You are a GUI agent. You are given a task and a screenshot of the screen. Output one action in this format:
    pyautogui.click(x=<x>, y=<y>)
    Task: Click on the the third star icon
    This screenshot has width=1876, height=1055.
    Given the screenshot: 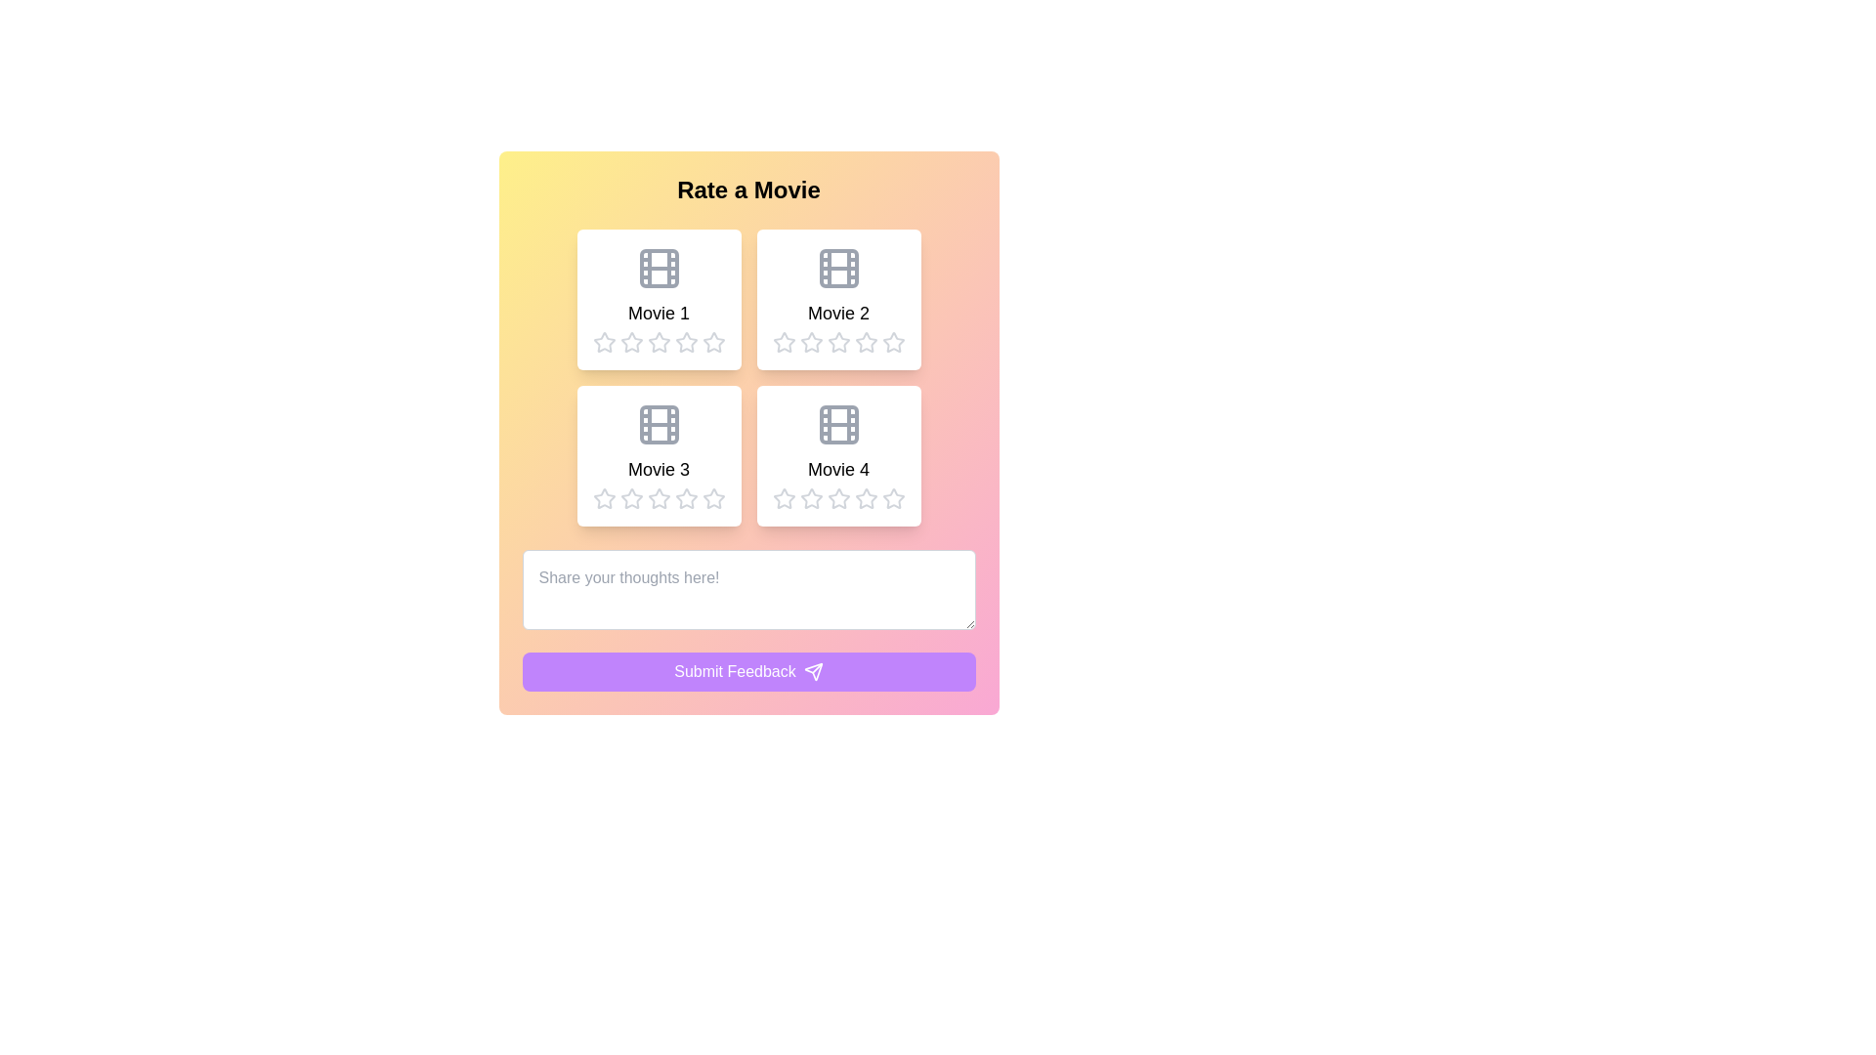 What is the action you would take?
    pyautogui.click(x=811, y=497)
    